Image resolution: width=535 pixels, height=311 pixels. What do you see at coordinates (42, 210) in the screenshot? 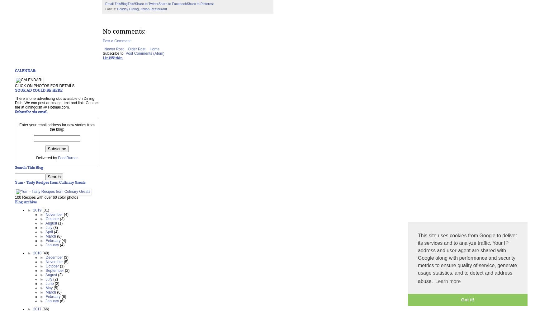
I see `'(31)'` at bounding box center [42, 210].